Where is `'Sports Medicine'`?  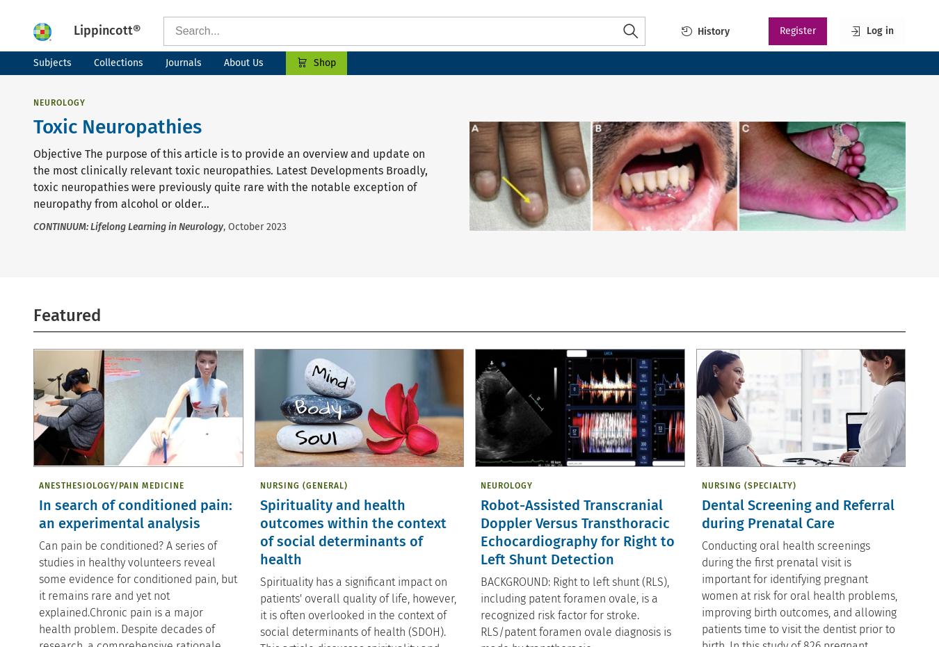
'Sports Medicine' is located at coordinates (508, 466).